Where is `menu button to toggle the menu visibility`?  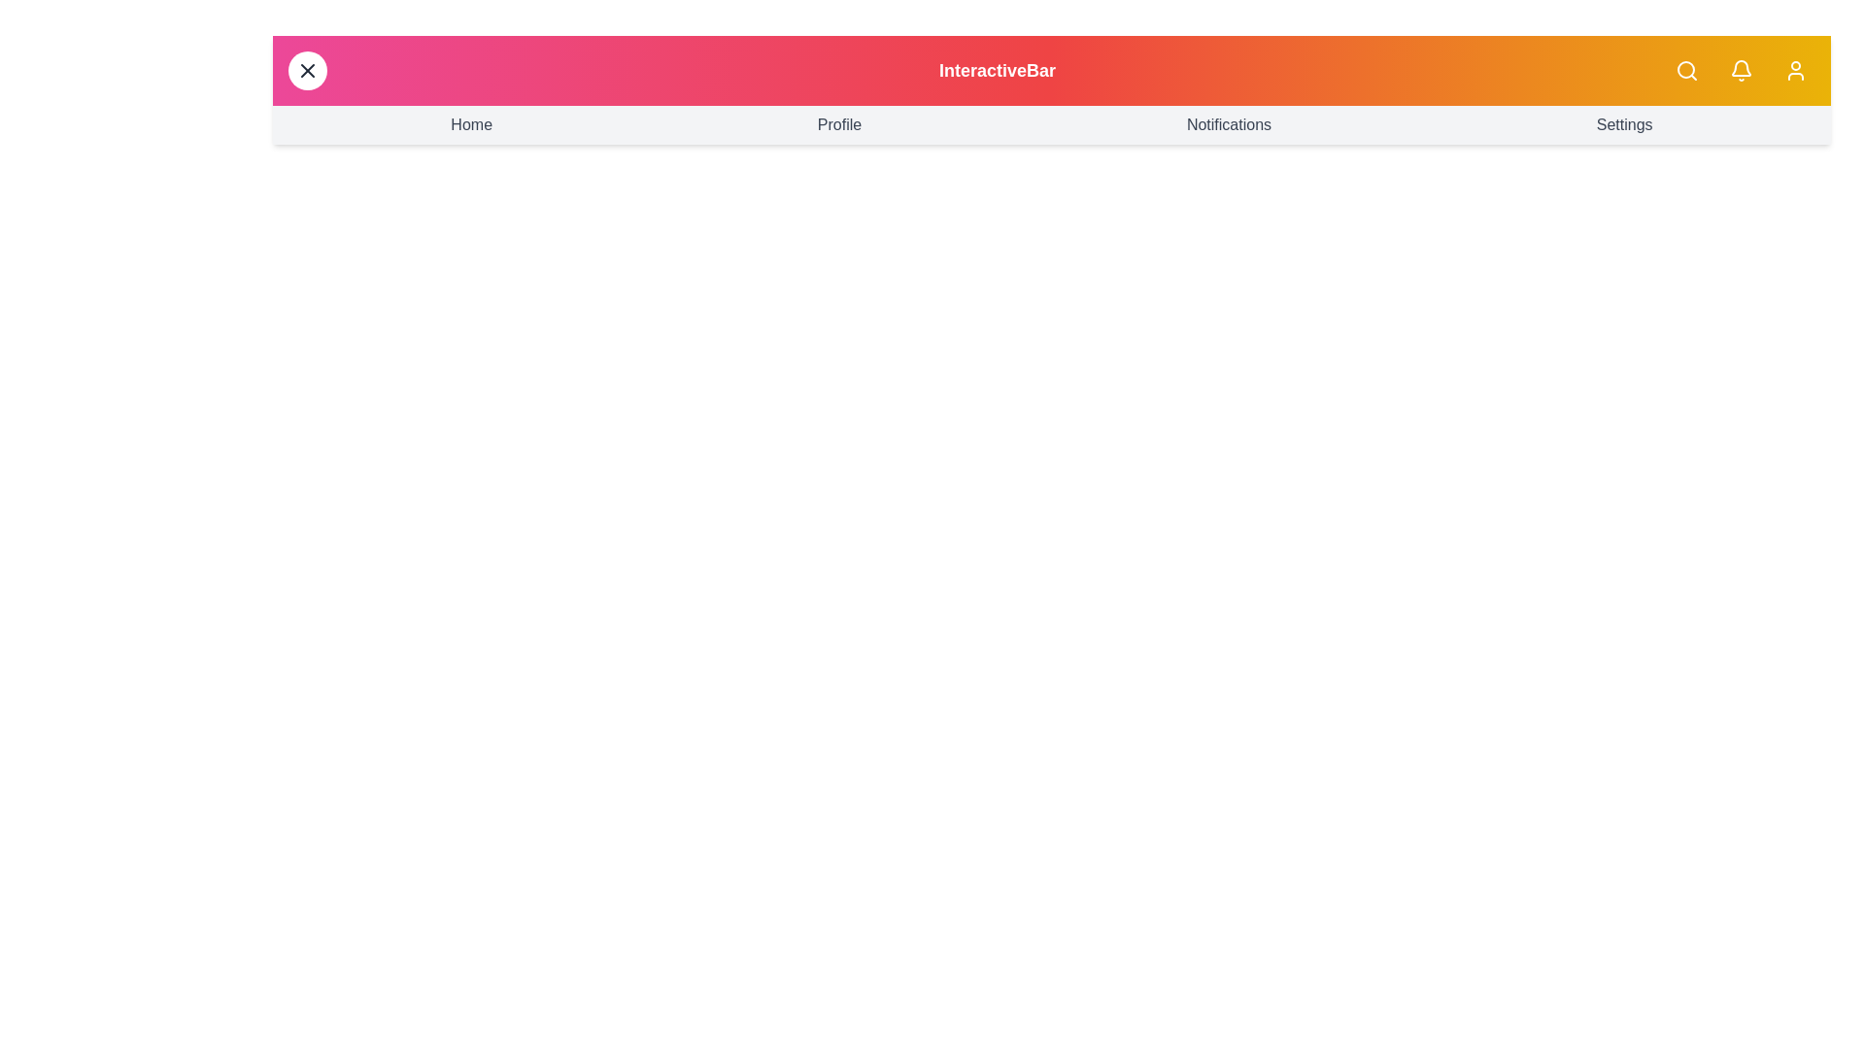 menu button to toggle the menu visibility is located at coordinates (306, 70).